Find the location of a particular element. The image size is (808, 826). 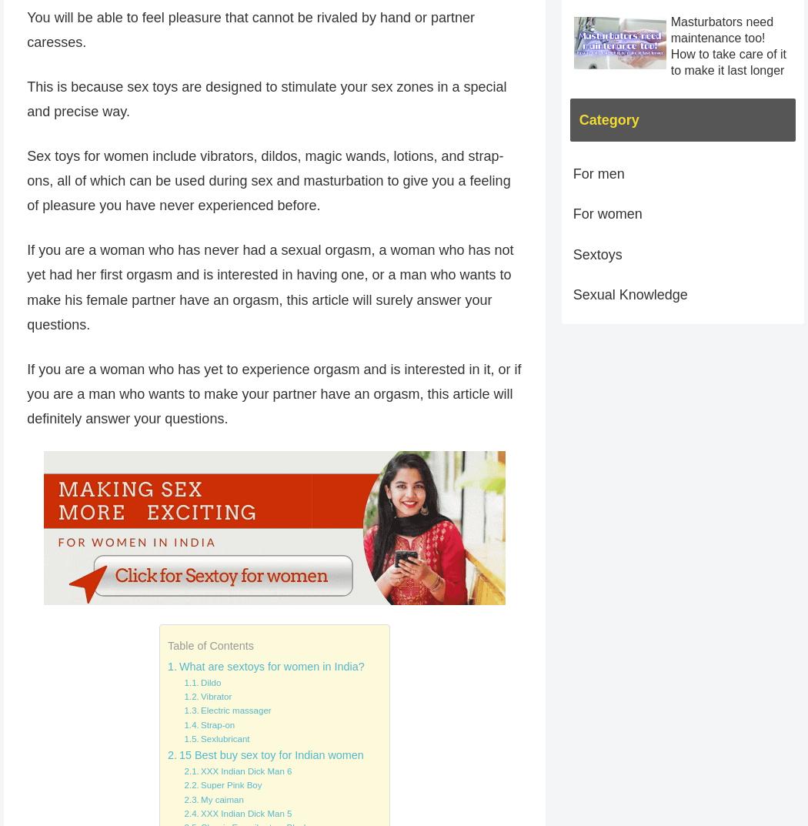

'Super Pink Boy' is located at coordinates (201, 784).